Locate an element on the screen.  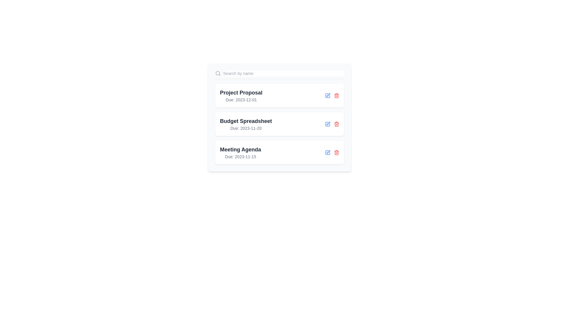
the trash icon next to the item Project Proposal to delete it is located at coordinates (336, 95).